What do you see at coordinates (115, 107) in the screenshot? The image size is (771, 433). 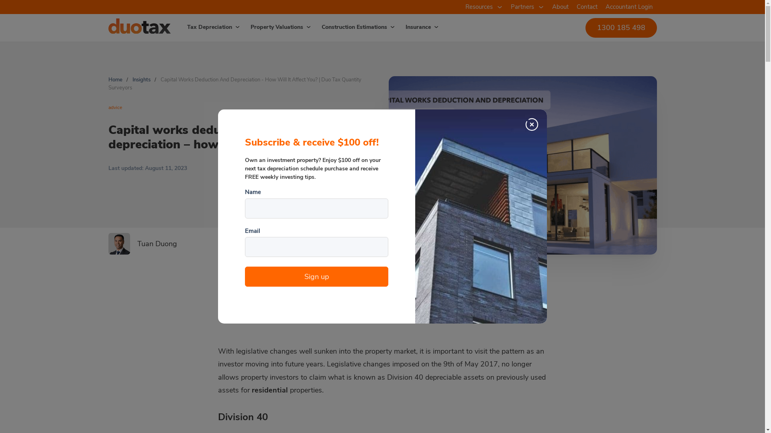 I see `'advice'` at bounding box center [115, 107].